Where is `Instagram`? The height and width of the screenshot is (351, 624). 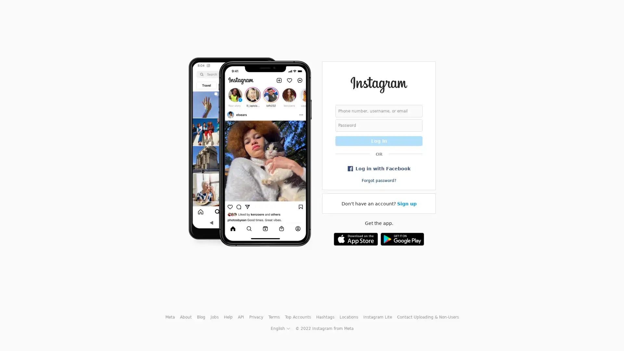 Instagram is located at coordinates (379, 84).